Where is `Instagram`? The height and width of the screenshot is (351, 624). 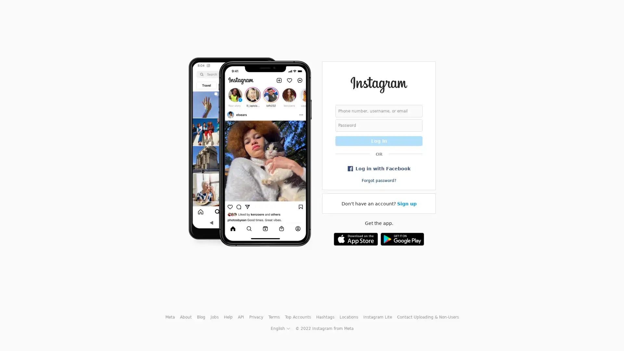 Instagram is located at coordinates (379, 84).